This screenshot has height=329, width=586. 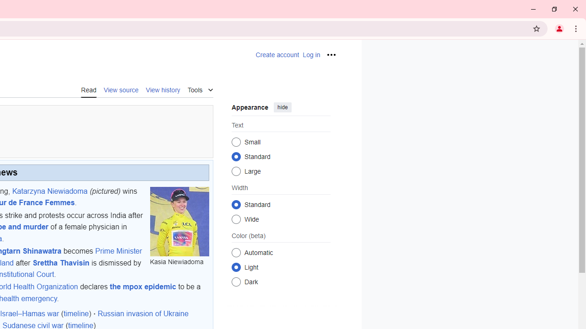 I want to click on 'Large', so click(x=236, y=171).